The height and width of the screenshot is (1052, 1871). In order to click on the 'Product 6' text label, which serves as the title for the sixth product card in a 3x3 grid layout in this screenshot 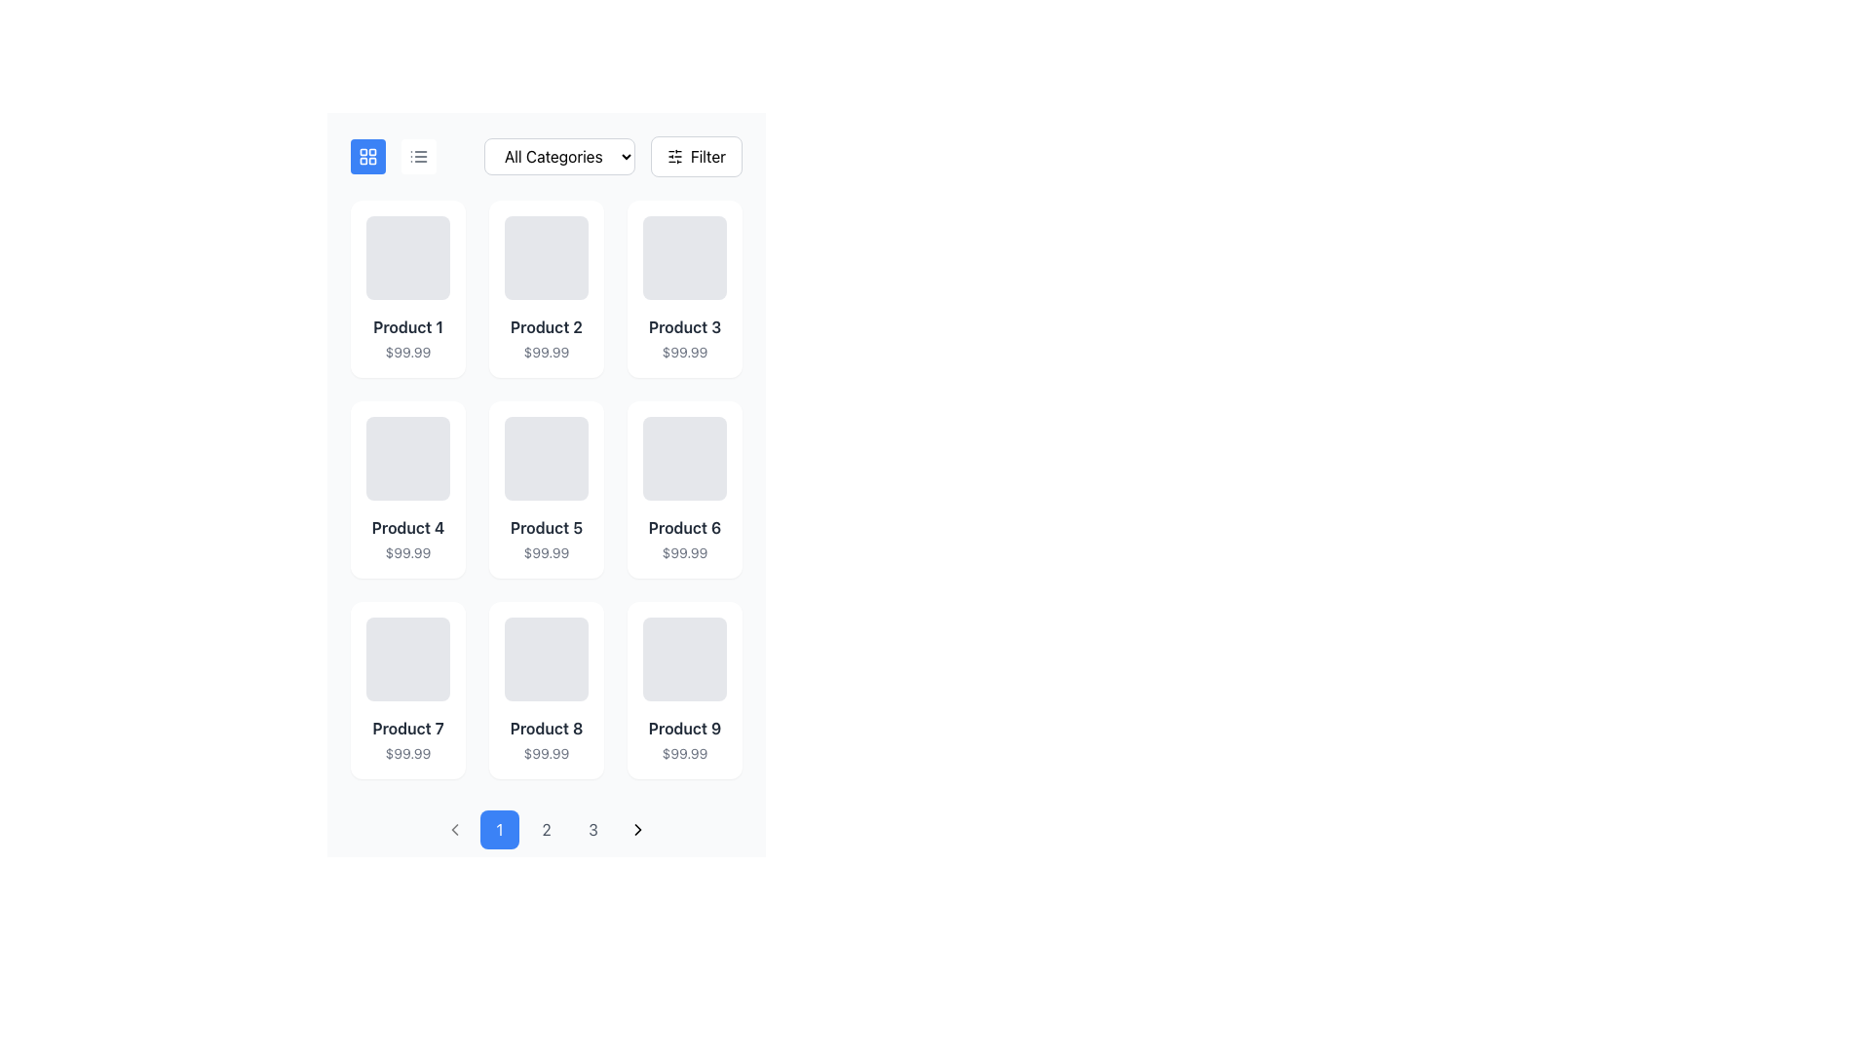, I will do `click(684, 528)`.